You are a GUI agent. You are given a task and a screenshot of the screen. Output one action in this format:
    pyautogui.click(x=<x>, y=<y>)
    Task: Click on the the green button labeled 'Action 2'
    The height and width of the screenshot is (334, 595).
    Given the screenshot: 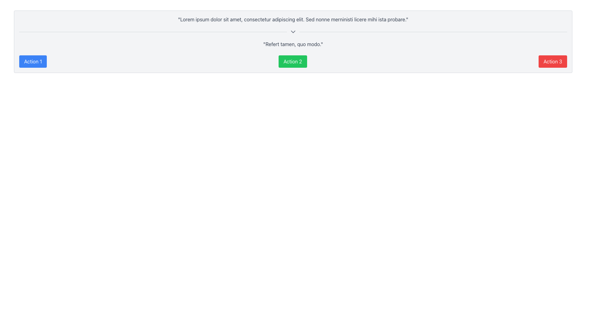 What is the action you would take?
    pyautogui.click(x=292, y=62)
    